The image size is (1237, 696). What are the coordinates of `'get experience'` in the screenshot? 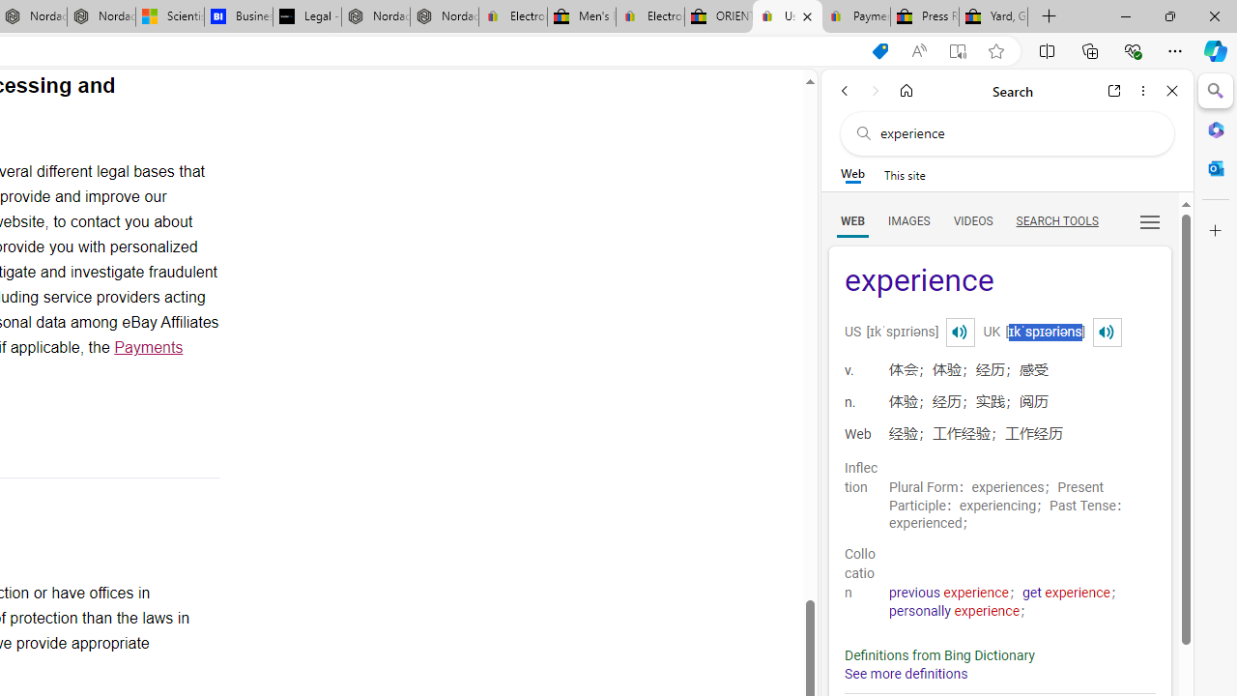 It's located at (1066, 592).